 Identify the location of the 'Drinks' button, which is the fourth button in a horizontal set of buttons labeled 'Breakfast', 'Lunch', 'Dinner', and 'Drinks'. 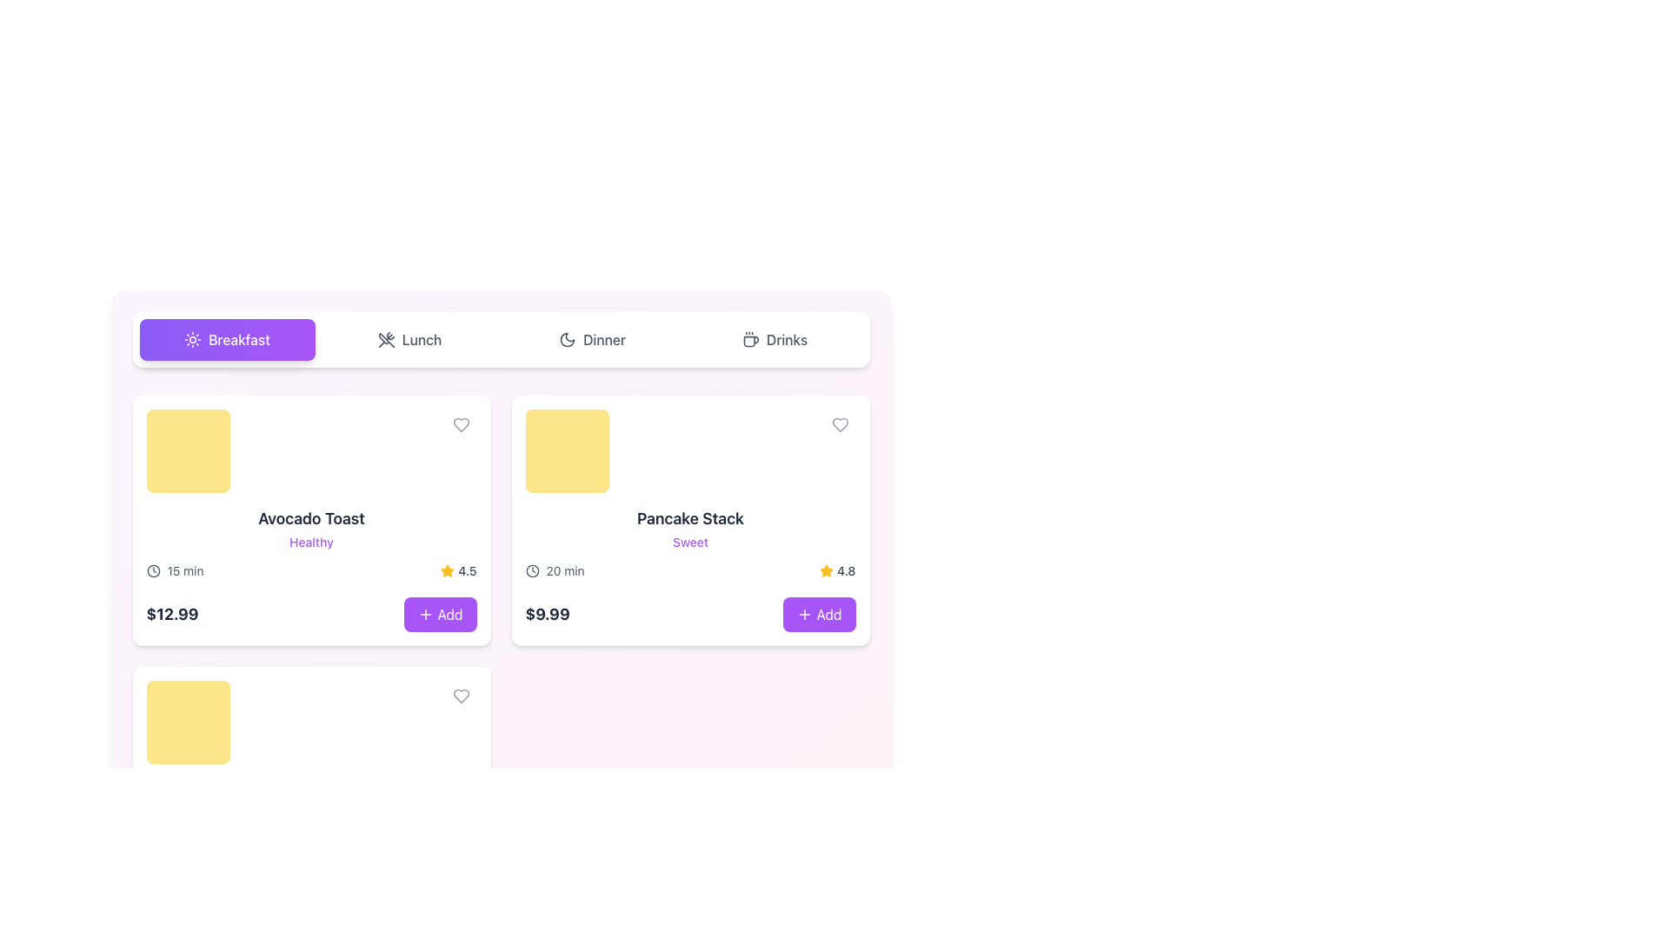
(774, 339).